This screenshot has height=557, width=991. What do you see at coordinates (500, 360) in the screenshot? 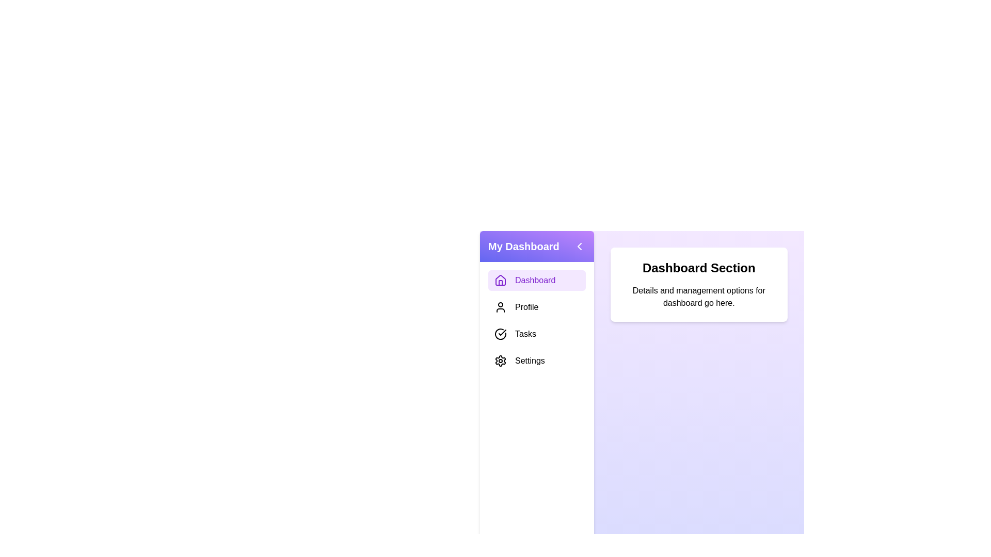
I see `the 'Settings' SVG icon located at the bottom of the vertical sidebar navigation menu` at bounding box center [500, 360].